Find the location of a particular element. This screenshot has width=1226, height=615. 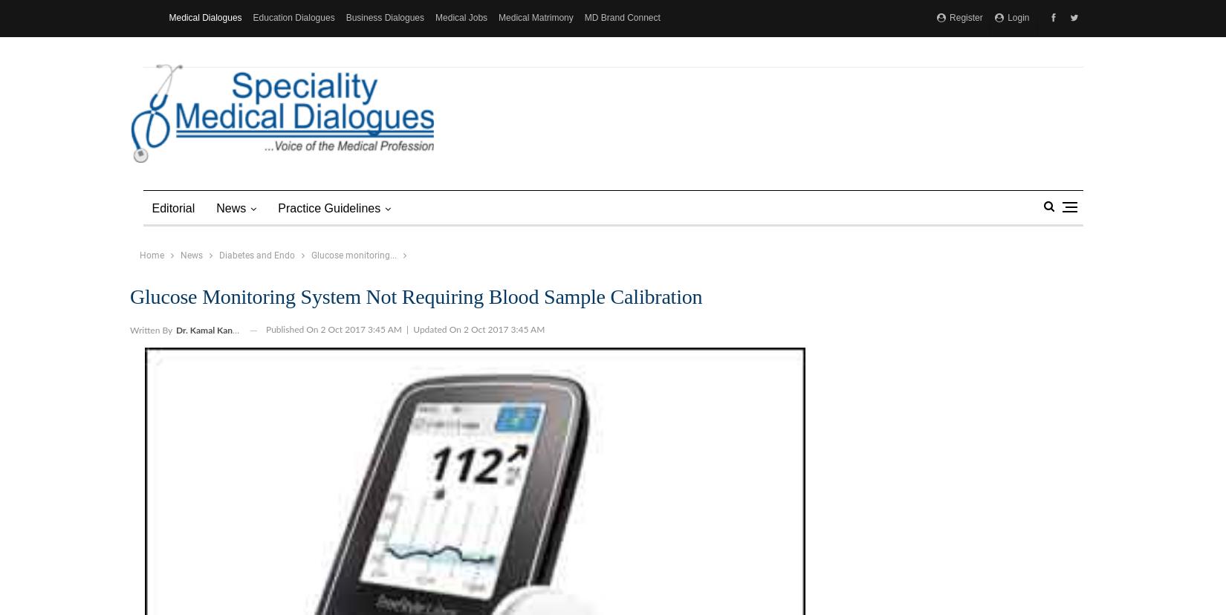

'|' is located at coordinates (406, 329).